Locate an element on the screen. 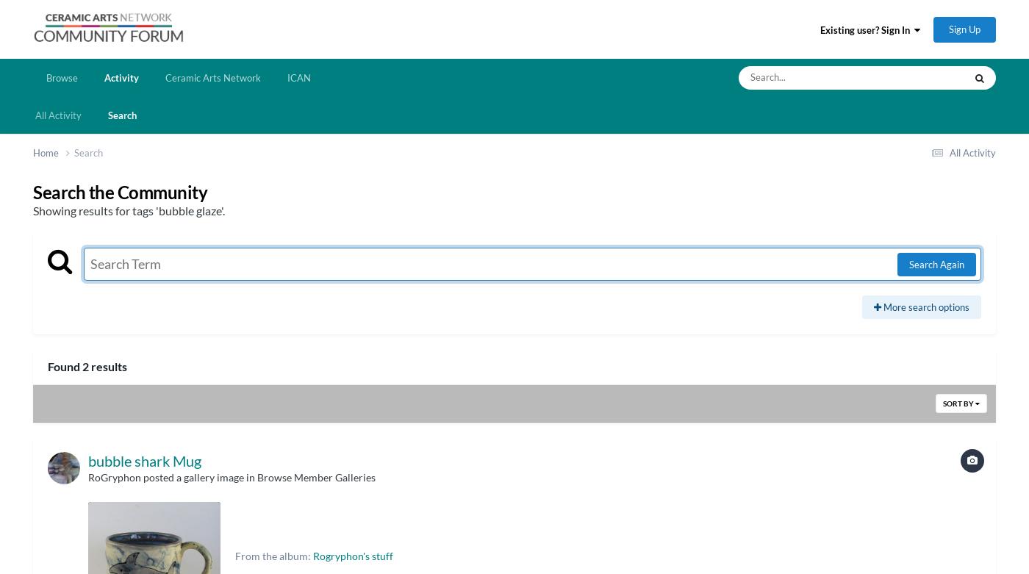 This screenshot has height=574, width=1029. 'Showing results for tags 'bubble glaze'.' is located at coordinates (129, 210).